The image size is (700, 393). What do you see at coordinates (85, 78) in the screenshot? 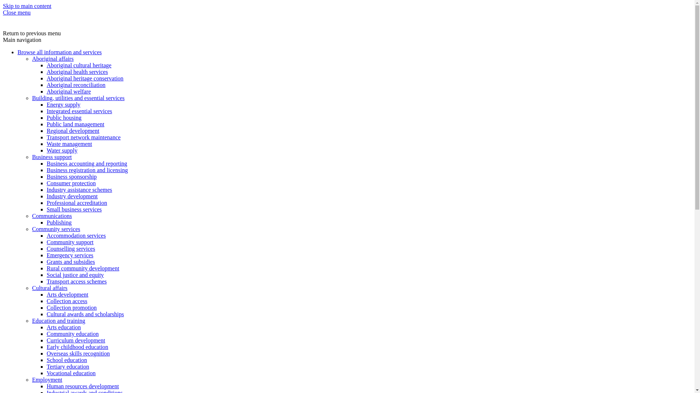
I see `'Aboriginal heritage conservation'` at bounding box center [85, 78].